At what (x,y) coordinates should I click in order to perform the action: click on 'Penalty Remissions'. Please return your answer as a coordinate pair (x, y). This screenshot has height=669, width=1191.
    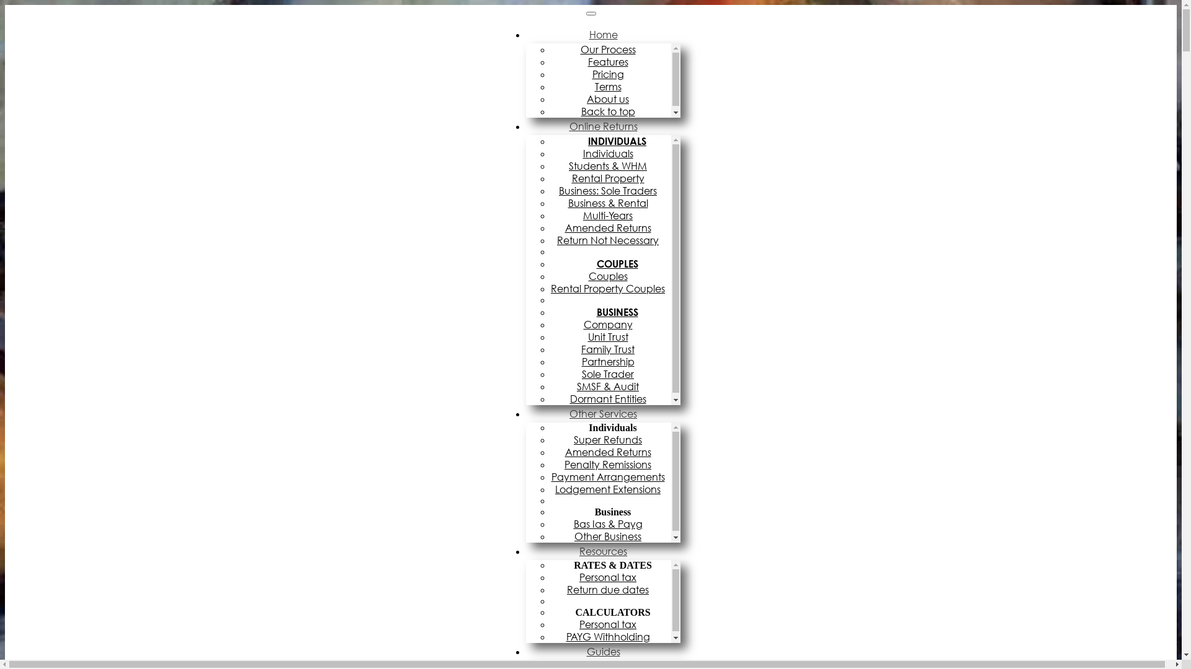
    Looking at the image, I should click on (564, 464).